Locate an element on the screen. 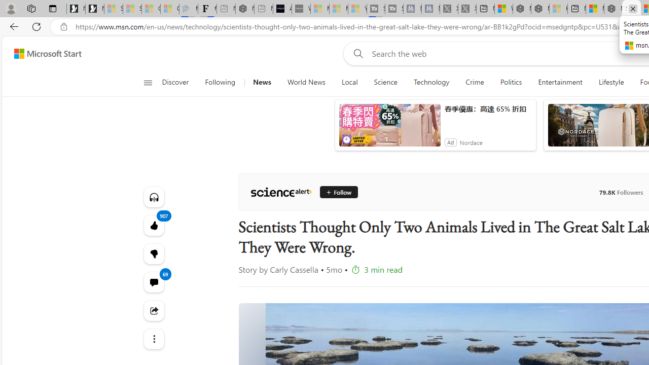  'Entertainment' is located at coordinates (560, 82).